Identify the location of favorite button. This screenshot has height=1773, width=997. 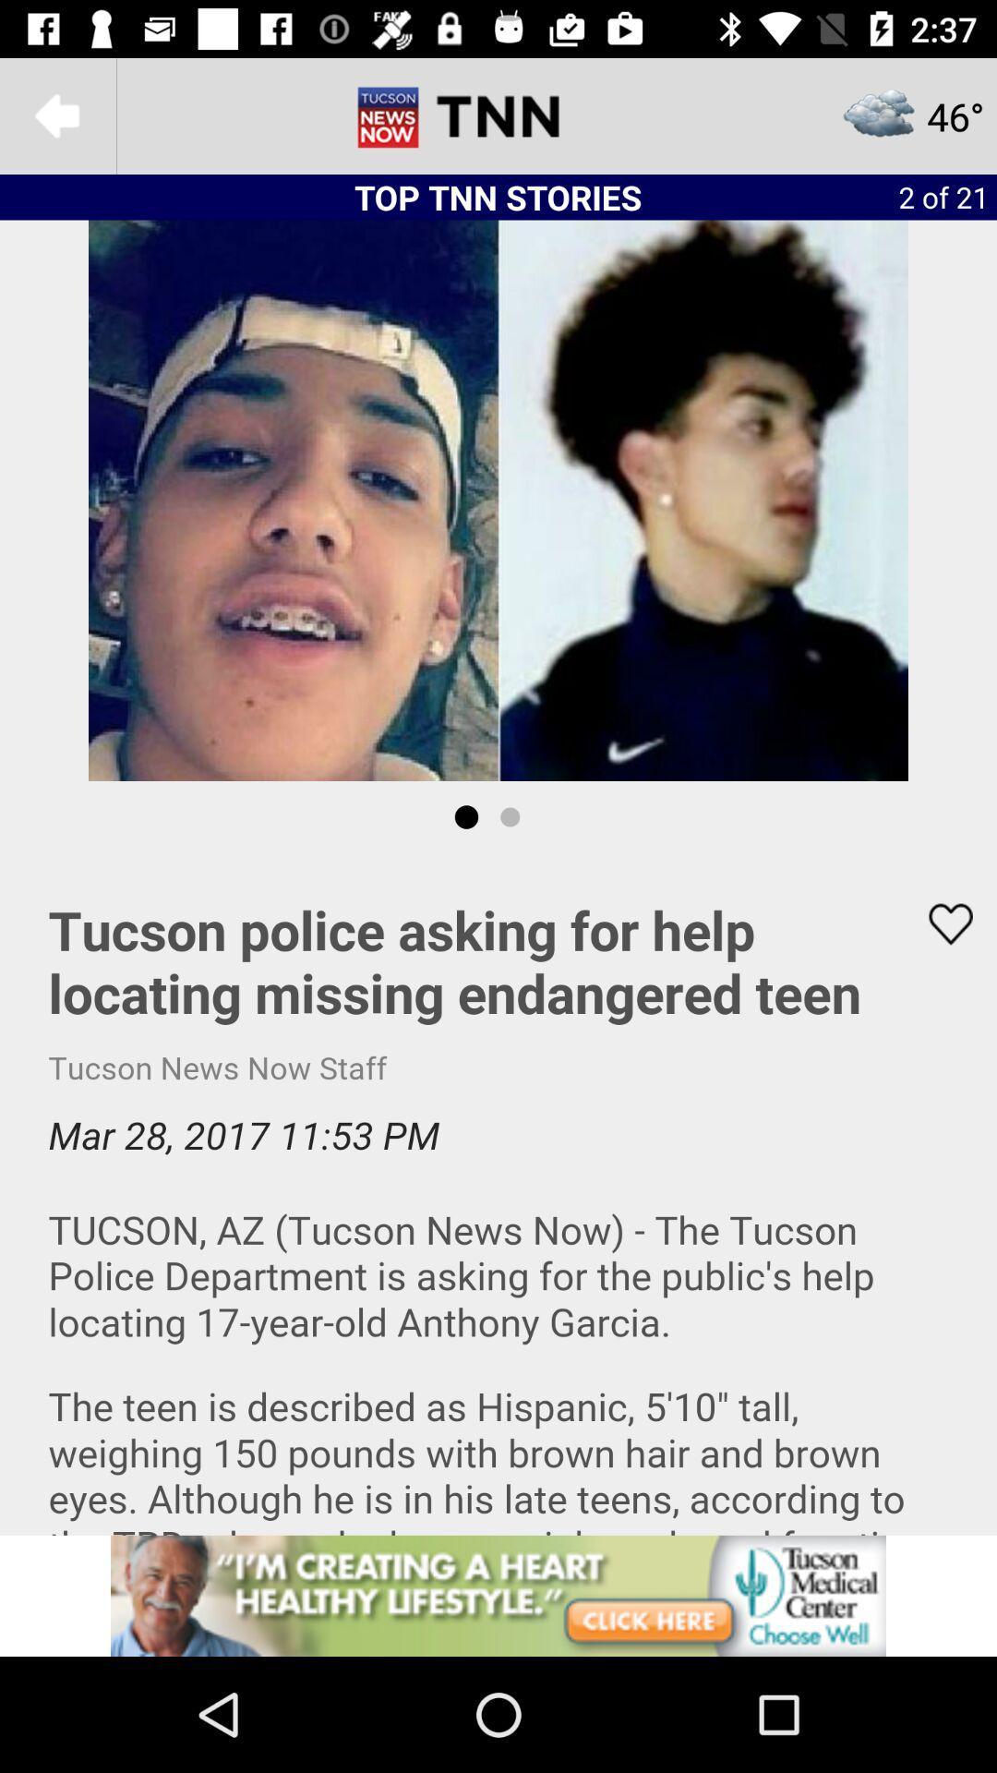
(939, 923).